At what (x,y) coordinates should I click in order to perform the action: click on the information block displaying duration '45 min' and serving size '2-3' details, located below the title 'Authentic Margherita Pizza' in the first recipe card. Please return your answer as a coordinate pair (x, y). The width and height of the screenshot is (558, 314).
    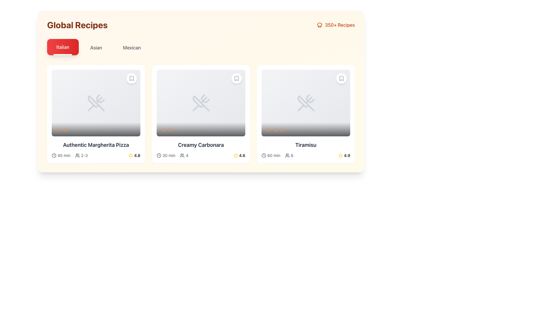
    Looking at the image, I should click on (70, 155).